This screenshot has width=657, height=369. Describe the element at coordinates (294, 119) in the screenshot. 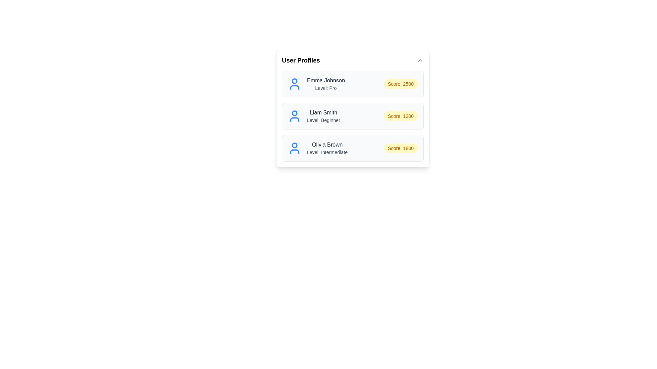

I see `the bottom part of the SVG icon resembling a shirt or torso for the profile of 'Liam Smith' in the second user list entry` at that location.